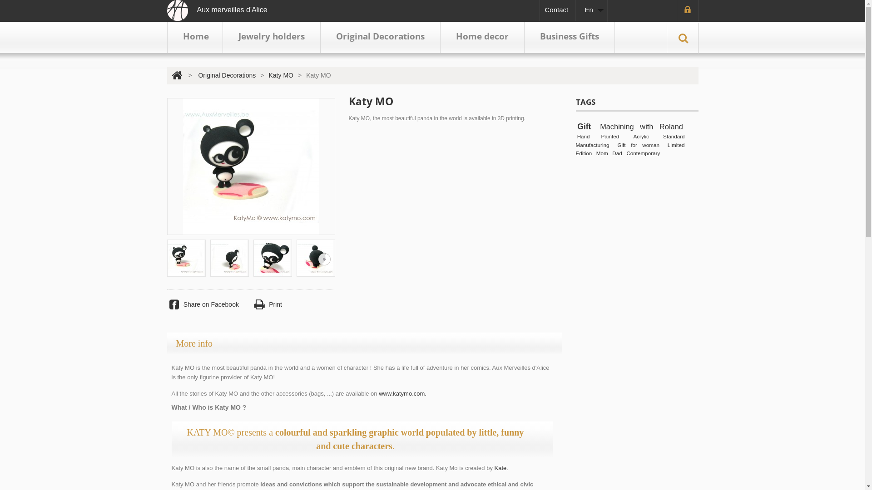 This screenshot has width=872, height=490. What do you see at coordinates (267, 304) in the screenshot?
I see `'Print'` at bounding box center [267, 304].